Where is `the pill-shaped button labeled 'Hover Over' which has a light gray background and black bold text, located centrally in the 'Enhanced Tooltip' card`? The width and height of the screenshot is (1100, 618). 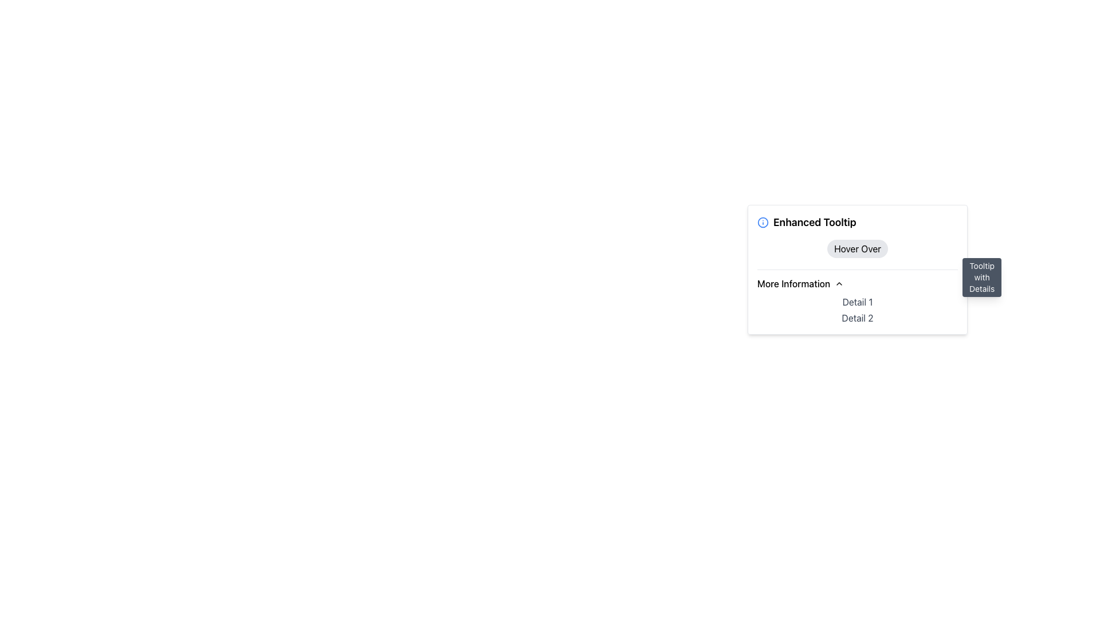 the pill-shaped button labeled 'Hover Over' which has a light gray background and black bold text, located centrally in the 'Enhanced Tooltip' card is located at coordinates (858, 248).